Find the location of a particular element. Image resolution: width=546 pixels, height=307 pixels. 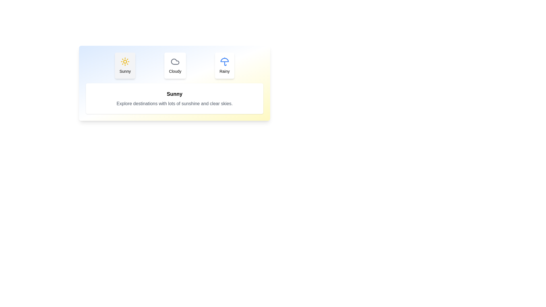

the Rainy button to view its details is located at coordinates (224, 65).